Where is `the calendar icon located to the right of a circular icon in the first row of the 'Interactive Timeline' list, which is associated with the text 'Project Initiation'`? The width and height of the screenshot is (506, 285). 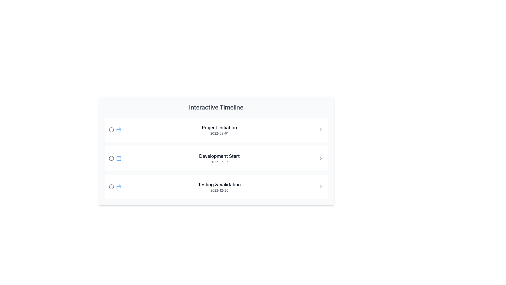
the calendar icon located to the right of a circular icon in the first row of the 'Interactive Timeline' list, which is associated with the text 'Project Initiation' is located at coordinates (118, 130).